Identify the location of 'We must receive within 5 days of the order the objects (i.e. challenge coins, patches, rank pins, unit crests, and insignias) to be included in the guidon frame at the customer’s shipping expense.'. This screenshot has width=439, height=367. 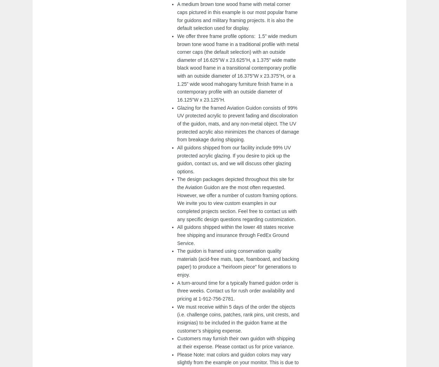
(238, 318).